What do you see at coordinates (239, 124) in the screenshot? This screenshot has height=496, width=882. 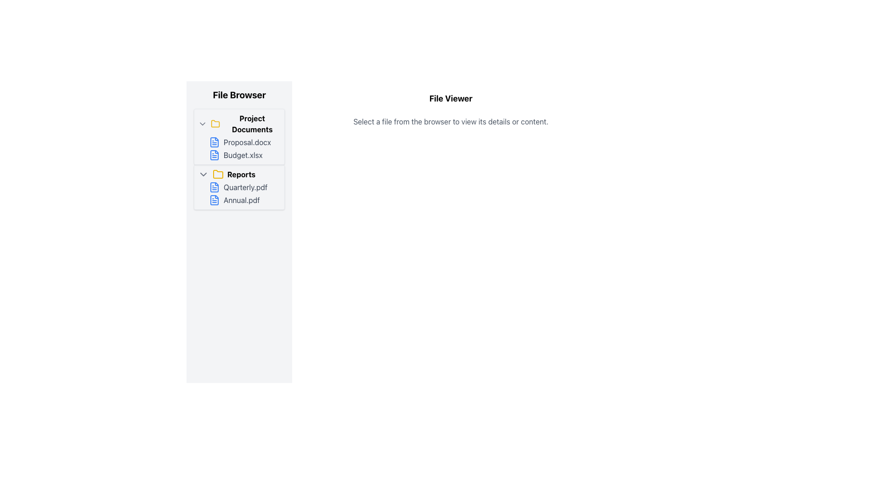 I see `the 'Project Documents' folder entry in the file browser` at bounding box center [239, 124].